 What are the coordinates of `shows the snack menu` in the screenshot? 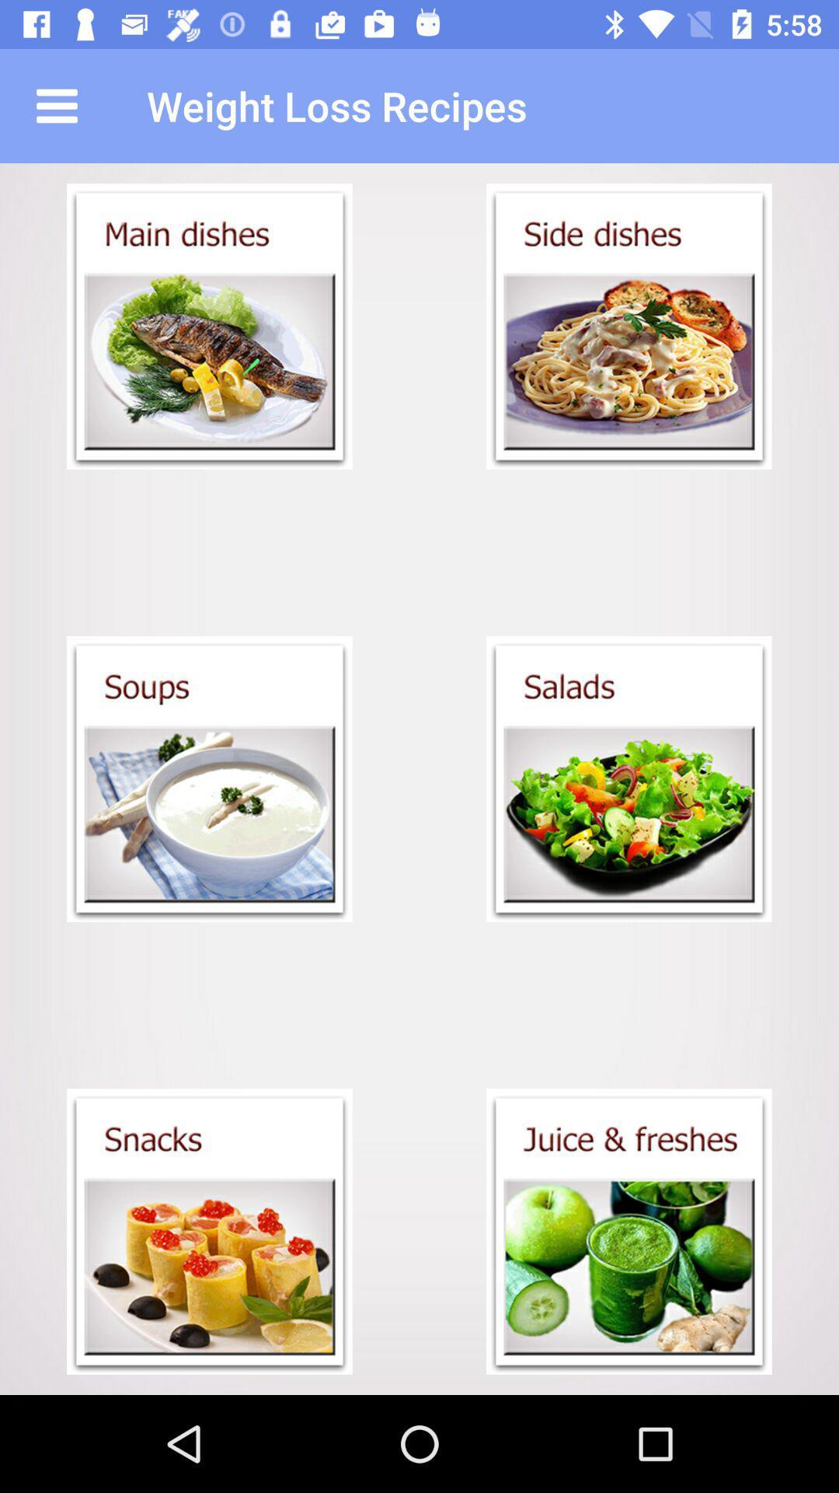 It's located at (210, 1231).